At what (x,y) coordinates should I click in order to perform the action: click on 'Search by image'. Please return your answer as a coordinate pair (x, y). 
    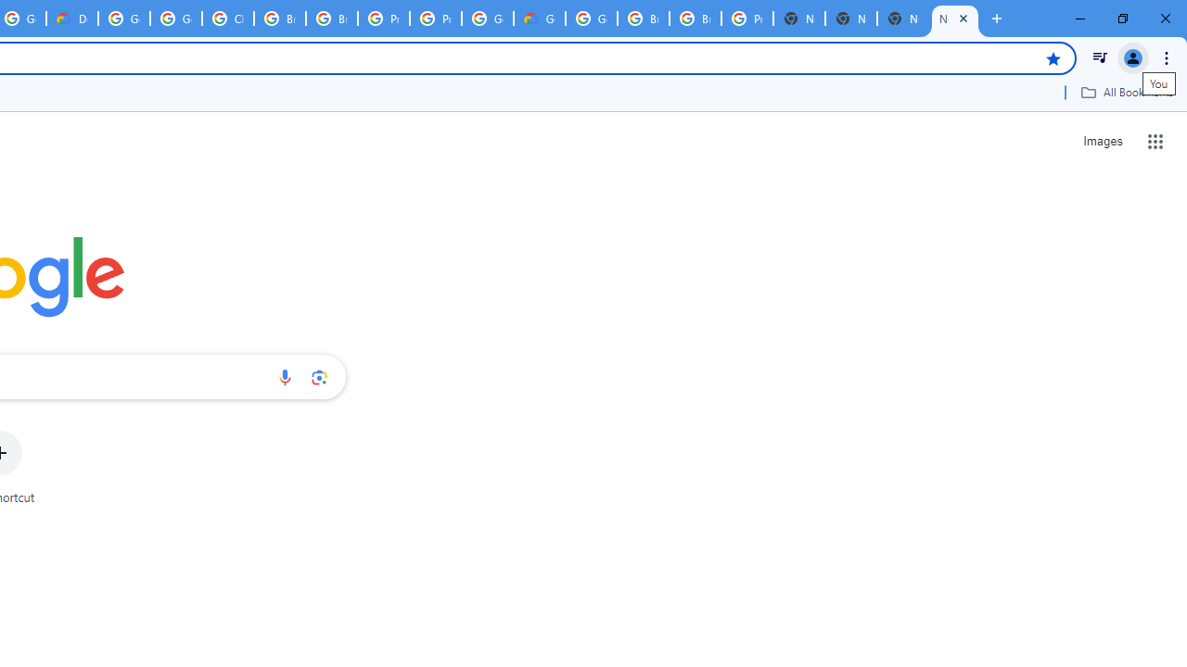
    Looking at the image, I should click on (319, 376).